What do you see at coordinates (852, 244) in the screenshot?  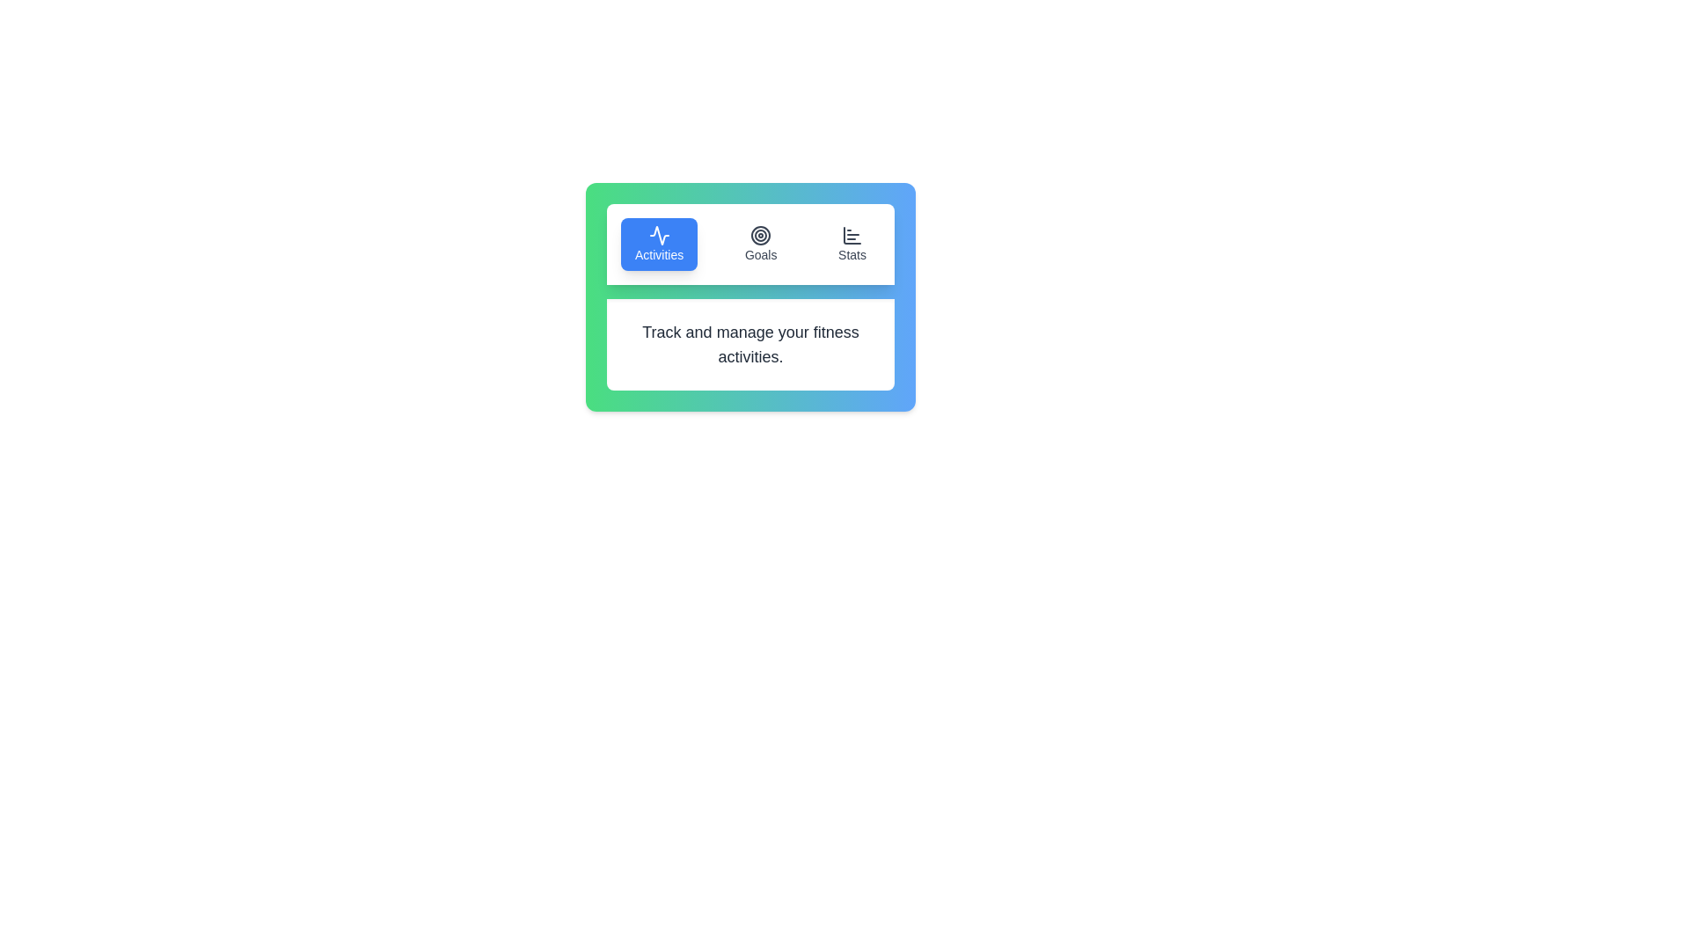 I see `the tab labeled Stats to observe its visual feedback` at bounding box center [852, 244].